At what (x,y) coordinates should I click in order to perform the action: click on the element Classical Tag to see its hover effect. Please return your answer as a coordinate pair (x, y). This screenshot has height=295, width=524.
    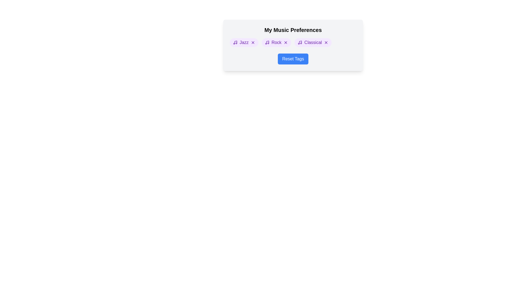
    Looking at the image, I should click on (313, 42).